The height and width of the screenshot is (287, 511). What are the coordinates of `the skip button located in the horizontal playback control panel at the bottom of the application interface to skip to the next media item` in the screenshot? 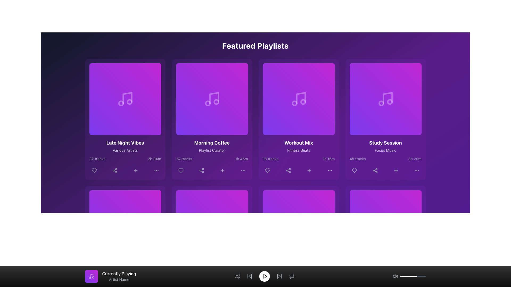 It's located at (279, 276).